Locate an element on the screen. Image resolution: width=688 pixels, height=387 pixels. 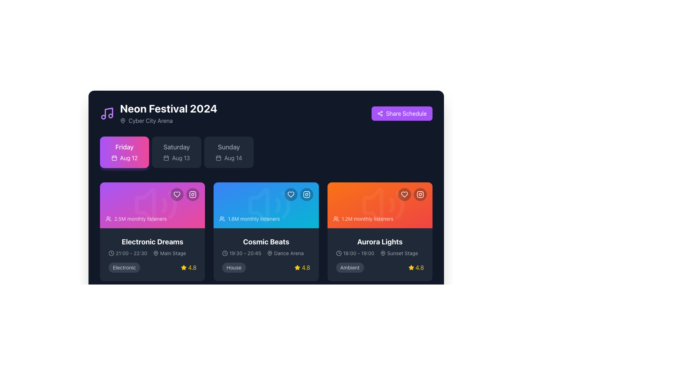
text information displayed in the Text Label with Icon located at the bottom left corner of the 'Electronic Dreams' event card is located at coordinates (136, 218).